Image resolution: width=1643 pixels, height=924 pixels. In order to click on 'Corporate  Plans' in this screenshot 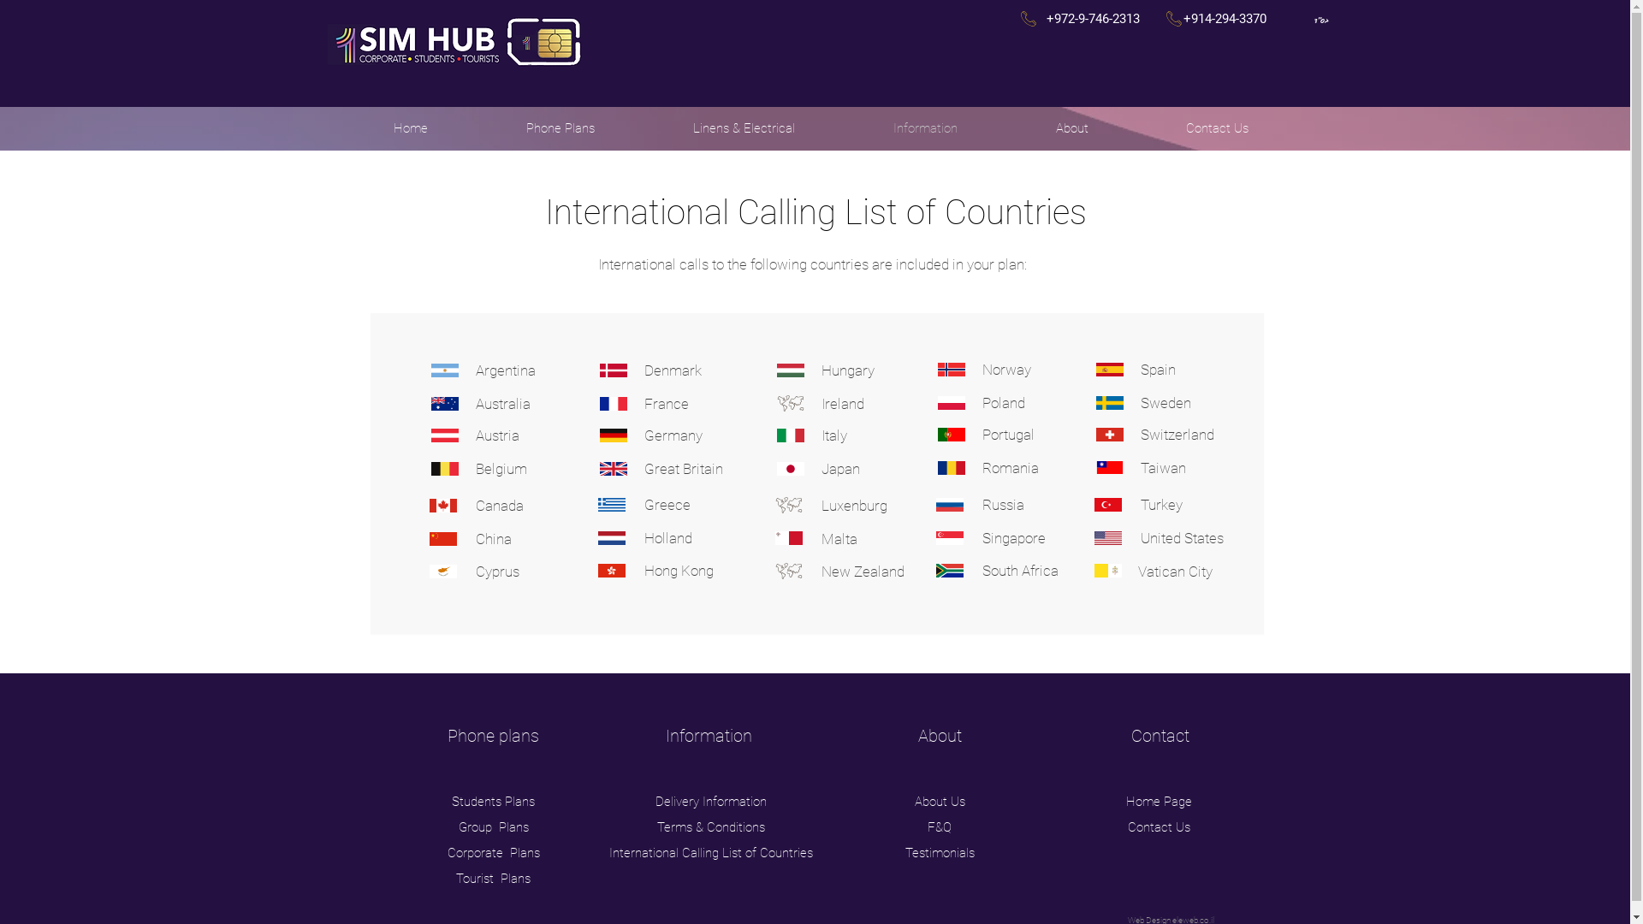, I will do `click(492, 852)`.